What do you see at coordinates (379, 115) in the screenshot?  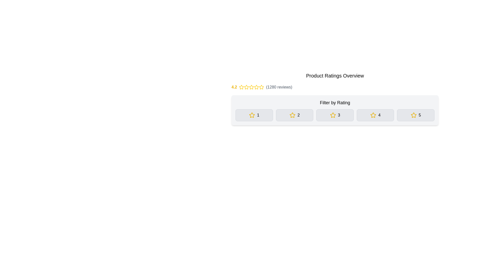 I see `the numerical portion of the fourth rating filter button, which indicates the specific rating value for filtering` at bounding box center [379, 115].